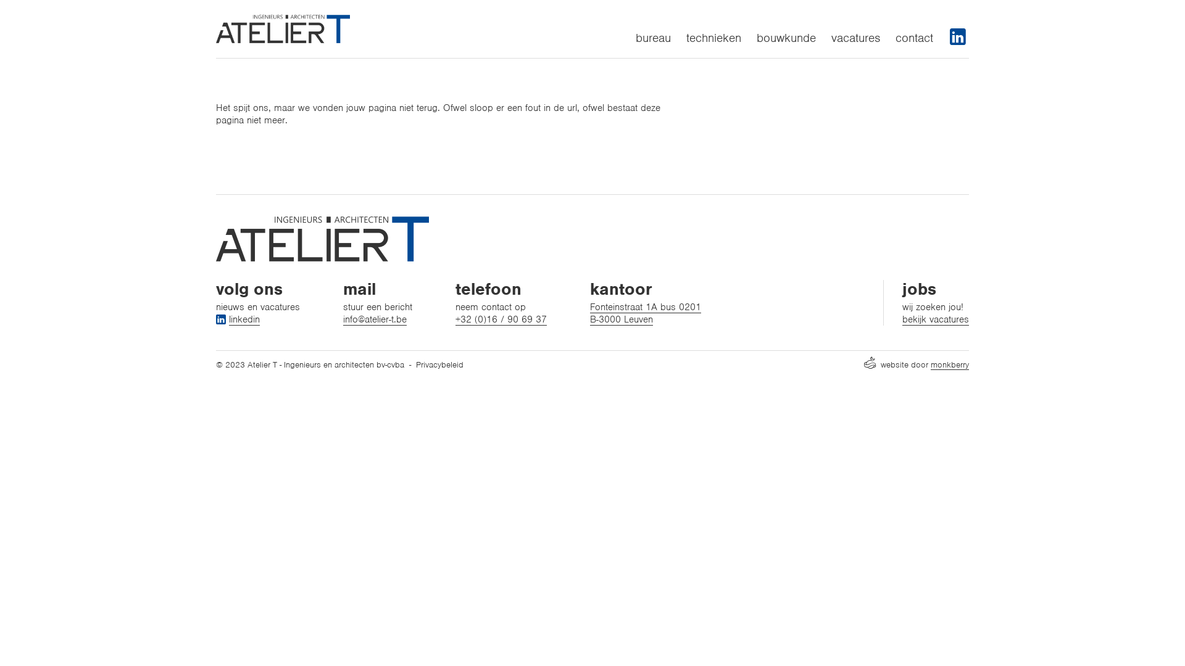 Image resolution: width=1185 pixels, height=666 pixels. I want to click on 'info@atelier-t.be', so click(343, 318).